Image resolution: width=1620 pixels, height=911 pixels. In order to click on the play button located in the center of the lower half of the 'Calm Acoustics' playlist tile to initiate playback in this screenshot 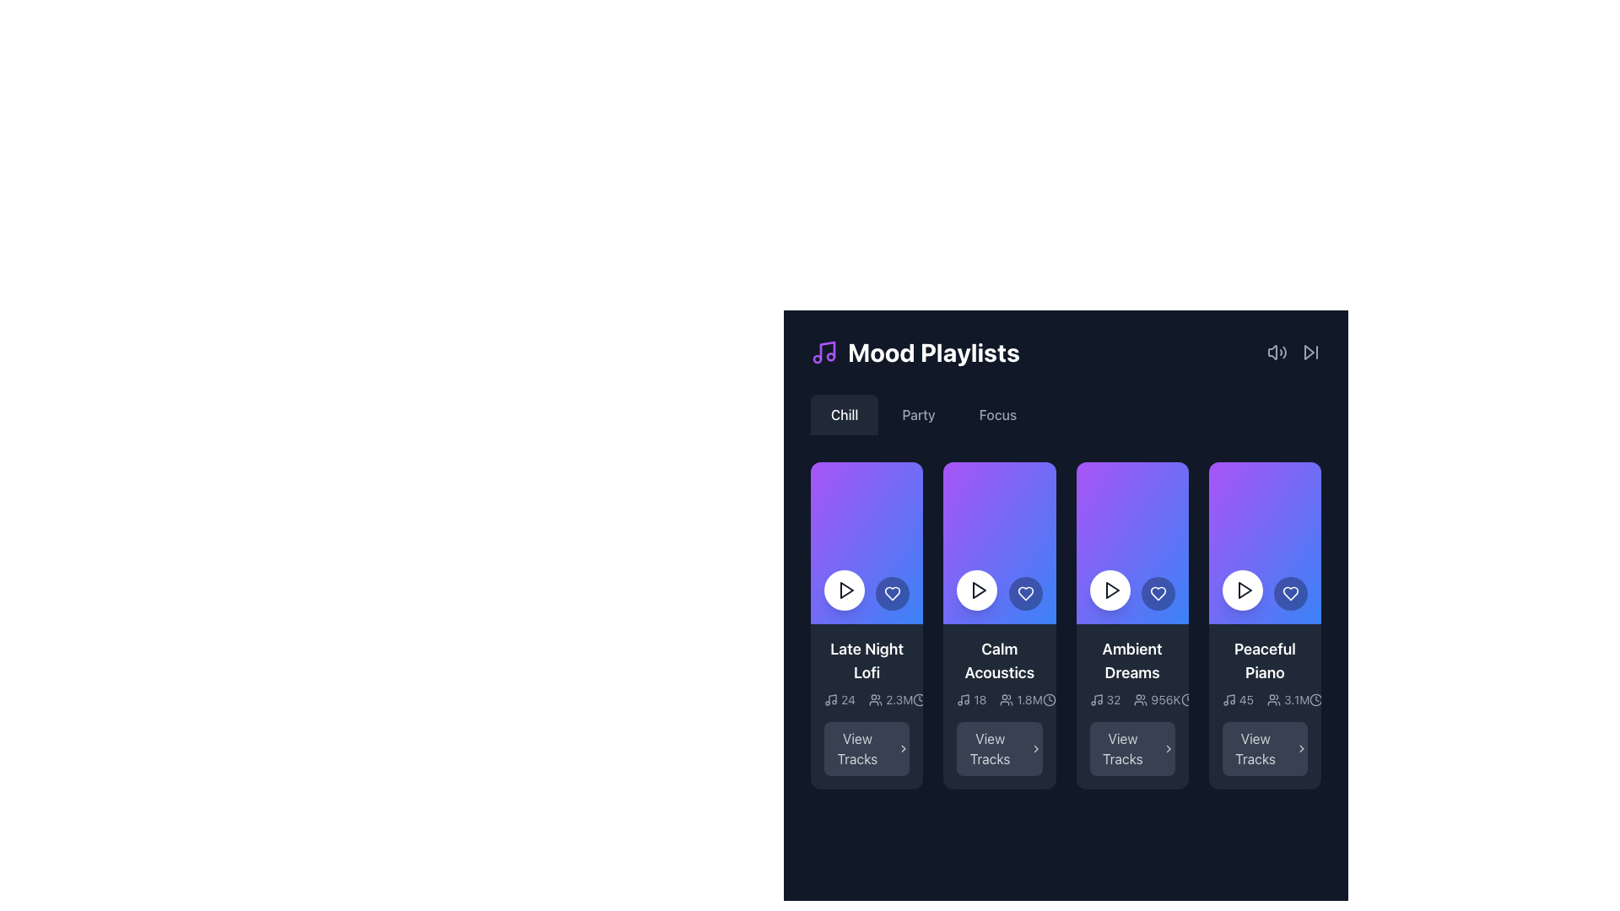, I will do `click(980, 589)`.